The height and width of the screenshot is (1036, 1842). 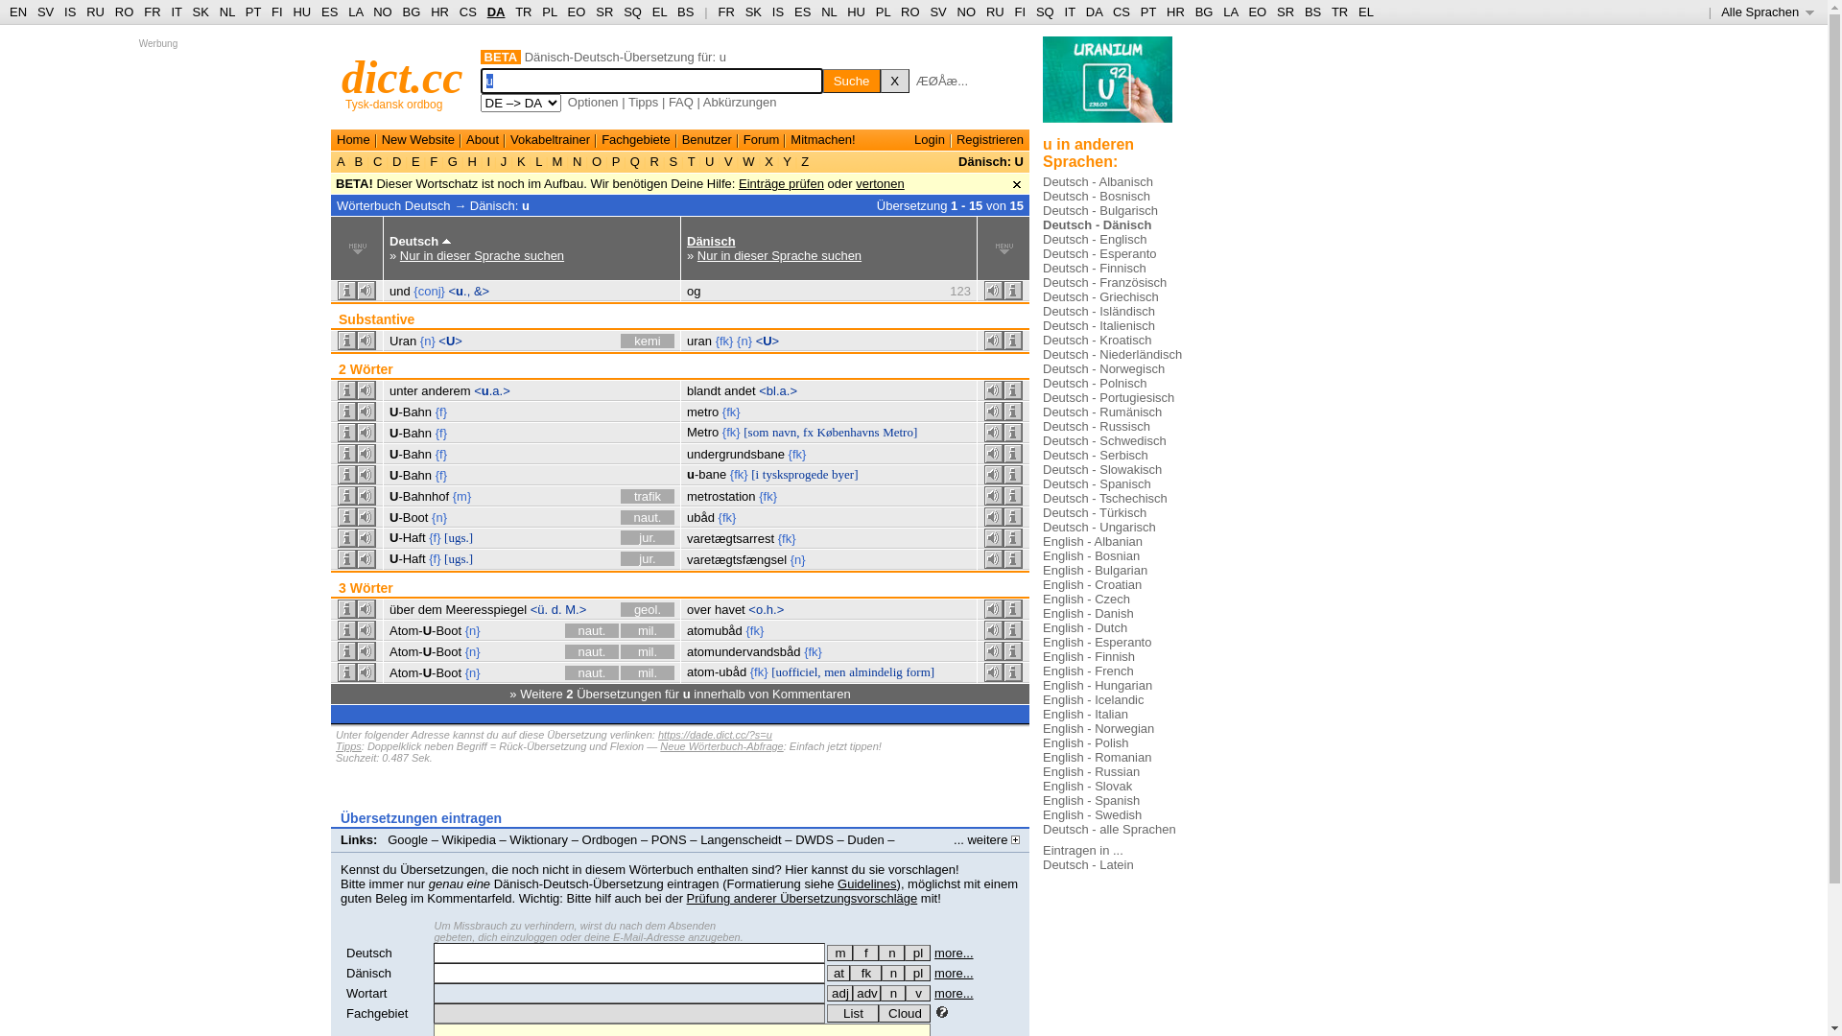 What do you see at coordinates (438, 12) in the screenshot?
I see `'HR'` at bounding box center [438, 12].